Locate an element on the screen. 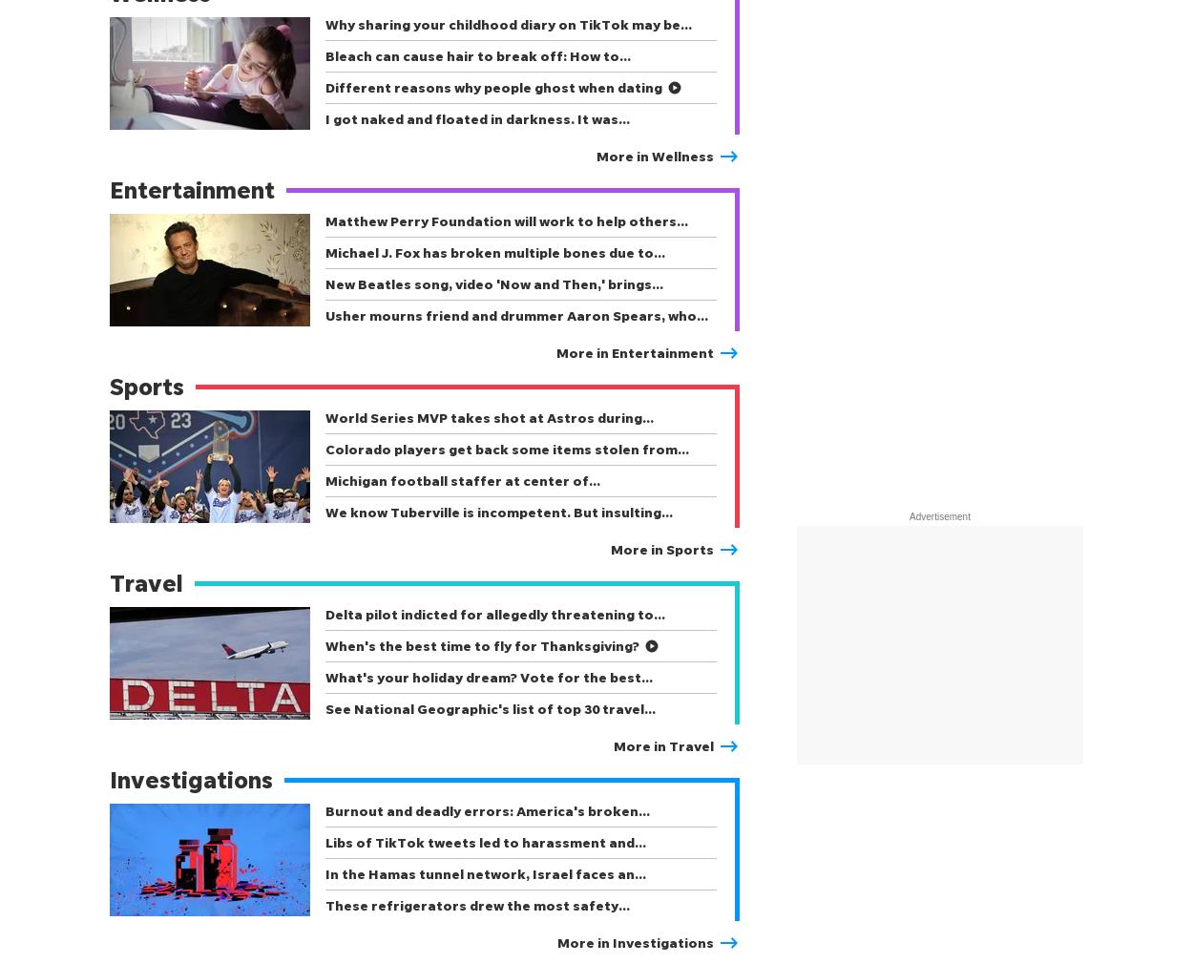  'Burnout and deadly errors: America's broken…' is located at coordinates (488, 810).